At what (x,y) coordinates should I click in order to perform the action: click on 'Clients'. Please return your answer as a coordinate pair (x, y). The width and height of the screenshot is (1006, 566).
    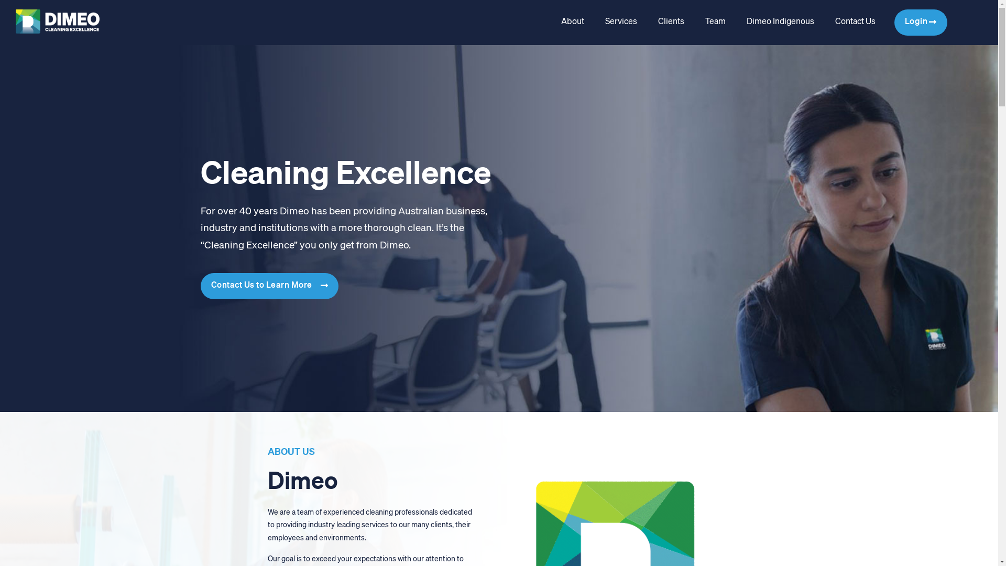
    Looking at the image, I should click on (671, 22).